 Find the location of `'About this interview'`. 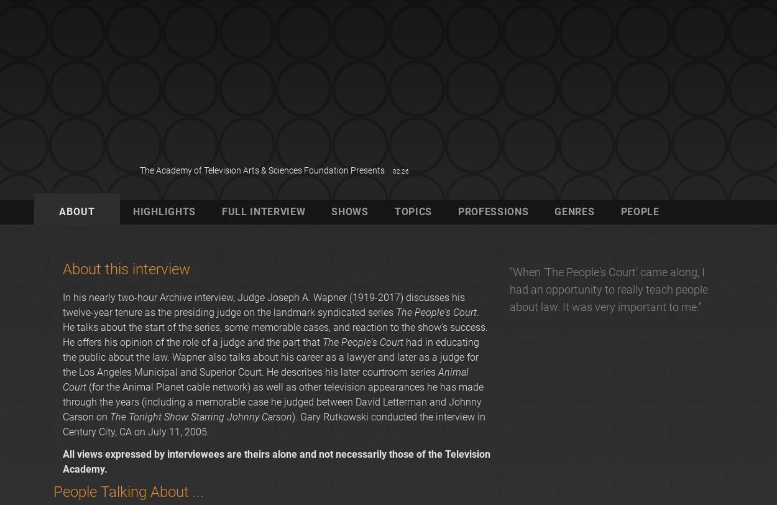

'About this interview' is located at coordinates (126, 268).